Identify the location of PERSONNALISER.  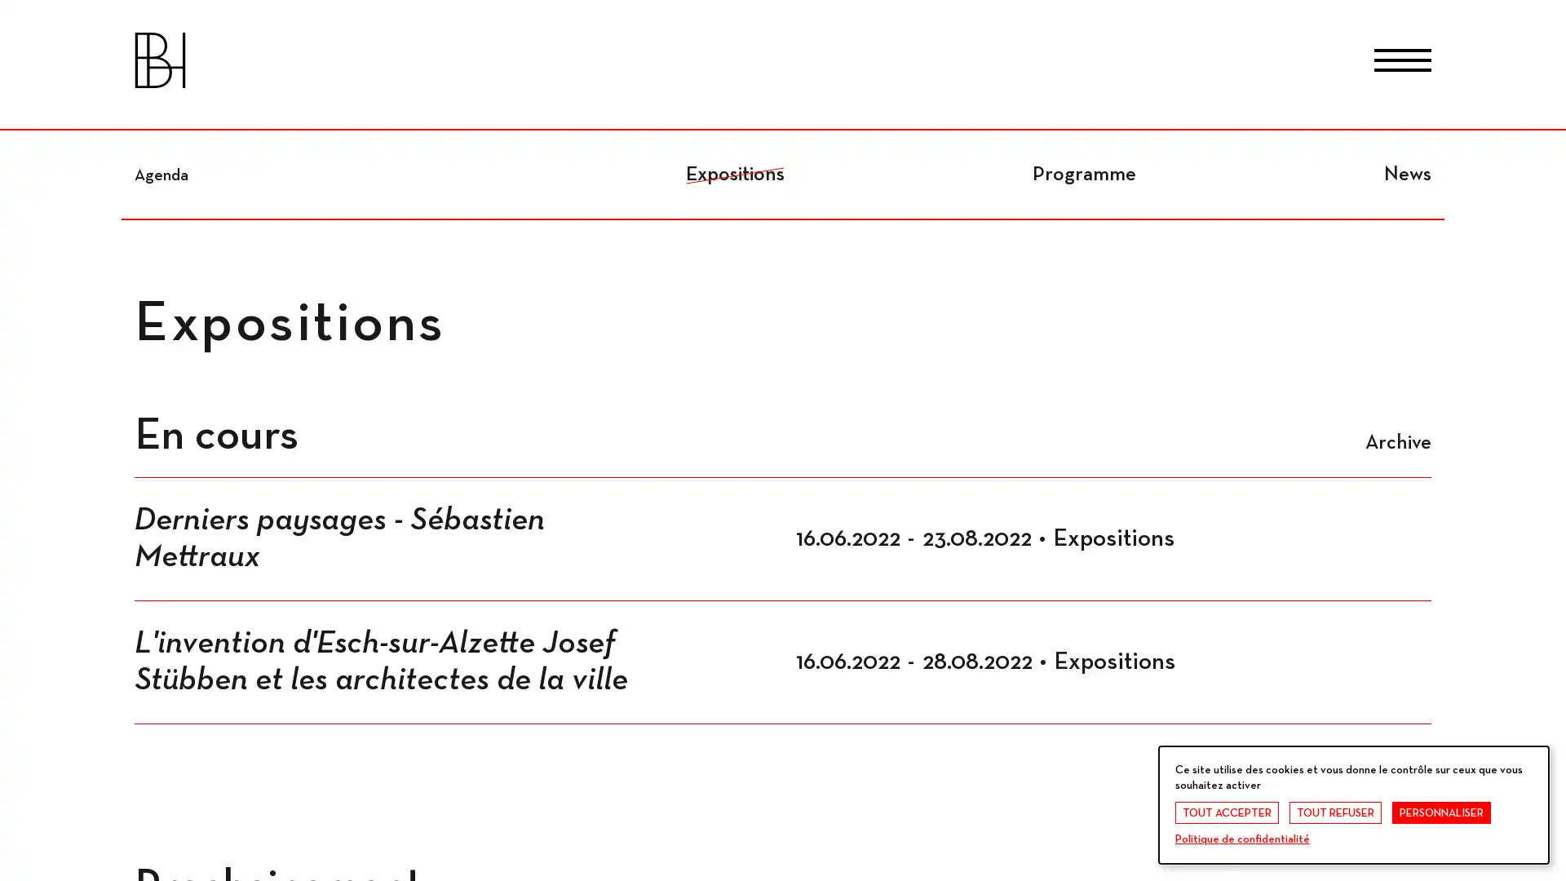
(1441, 812).